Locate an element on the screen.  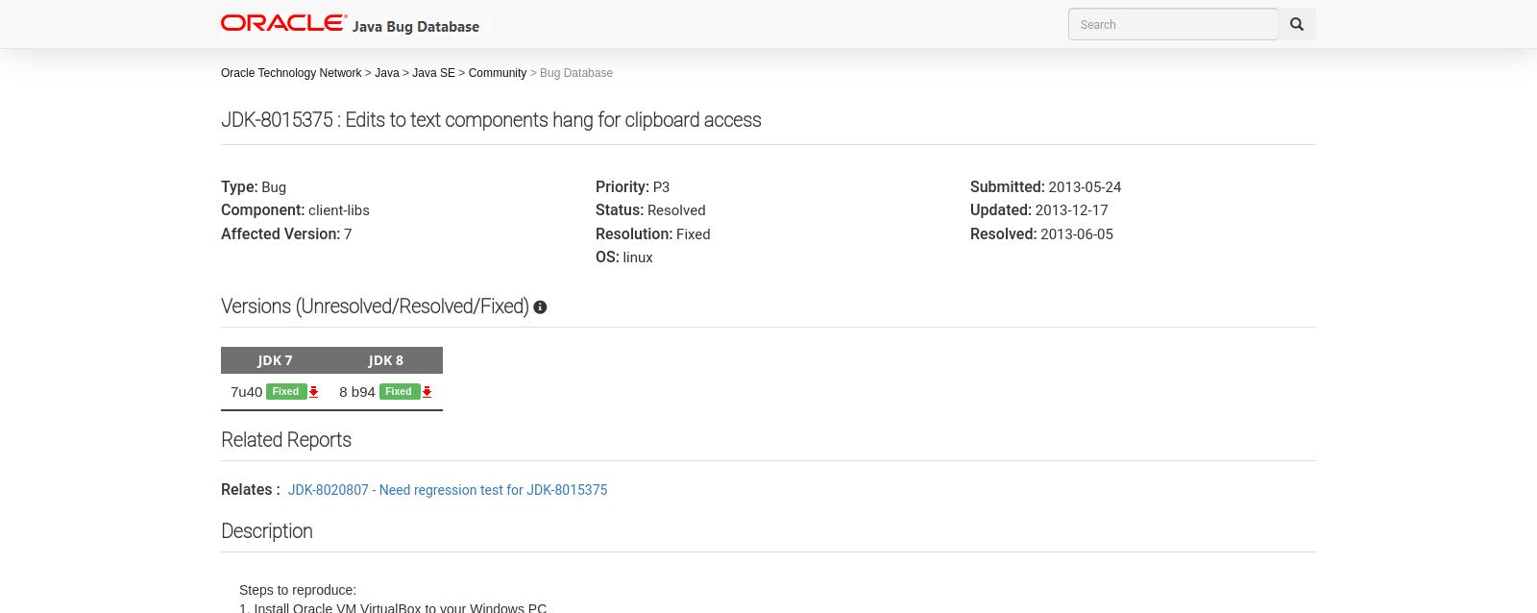
'JDK-8020807 - Need regression test for JDK-8015375' is located at coordinates (287, 487).